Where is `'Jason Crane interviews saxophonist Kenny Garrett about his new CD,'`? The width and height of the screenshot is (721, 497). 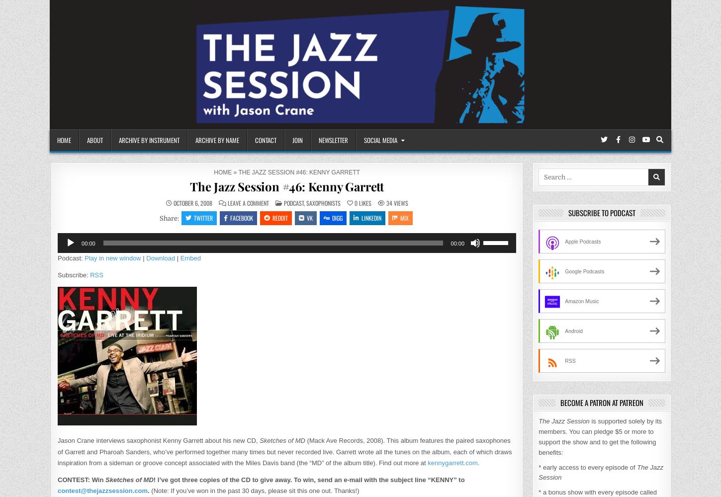
'Jason Crane interviews saxophonist Kenny Garrett about his new CD,' is located at coordinates (159, 440).